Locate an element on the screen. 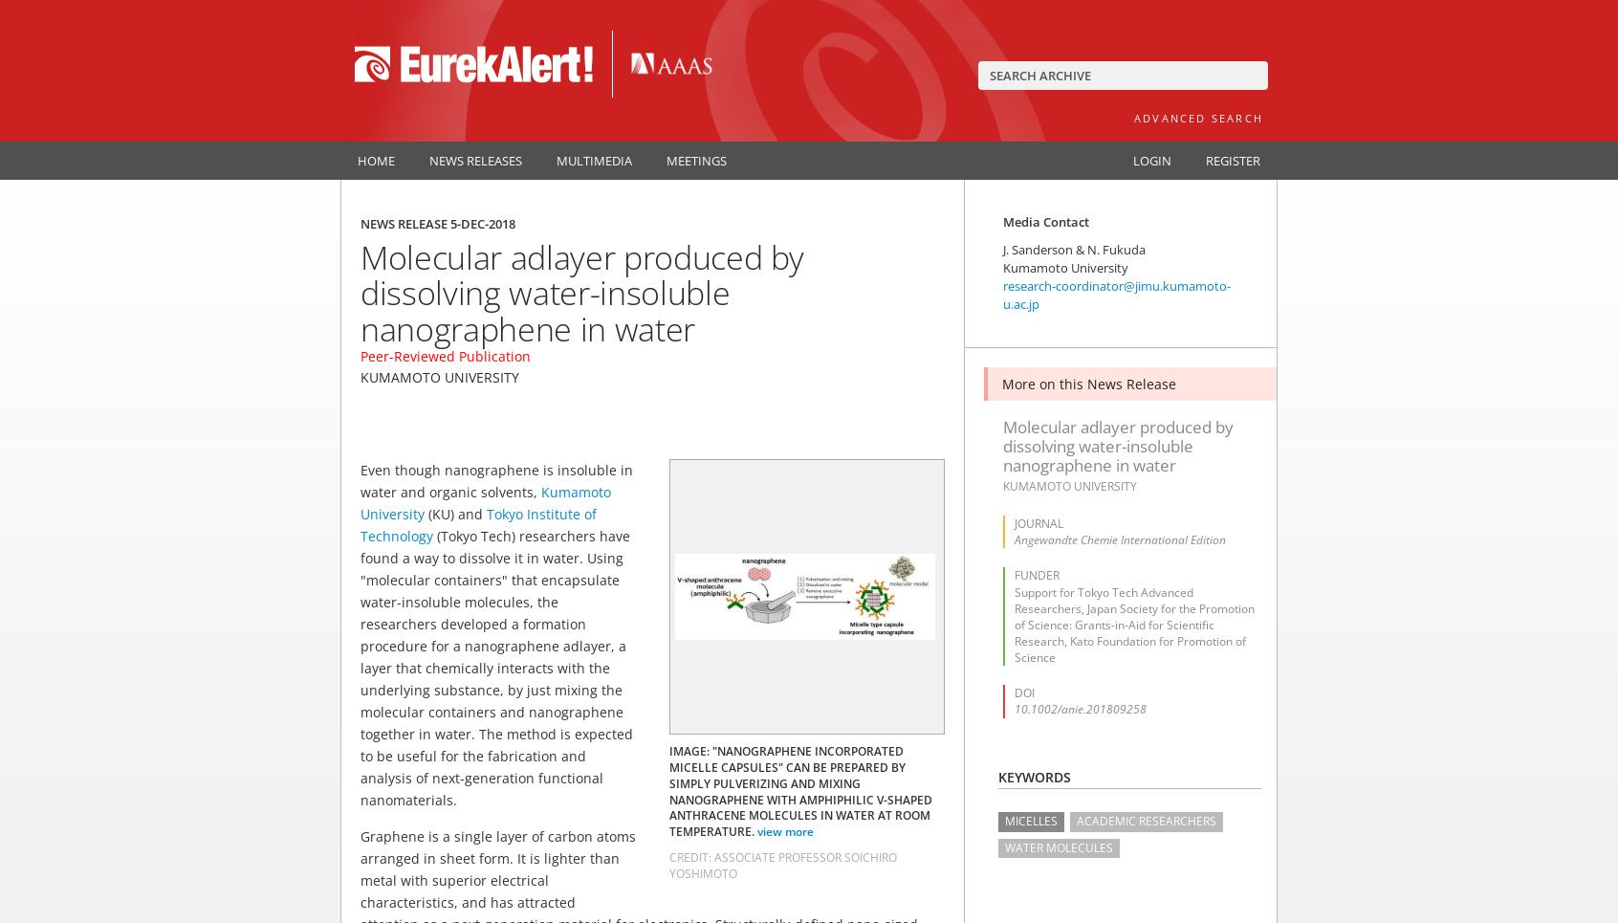  'Academic researchers' is located at coordinates (1145, 821).